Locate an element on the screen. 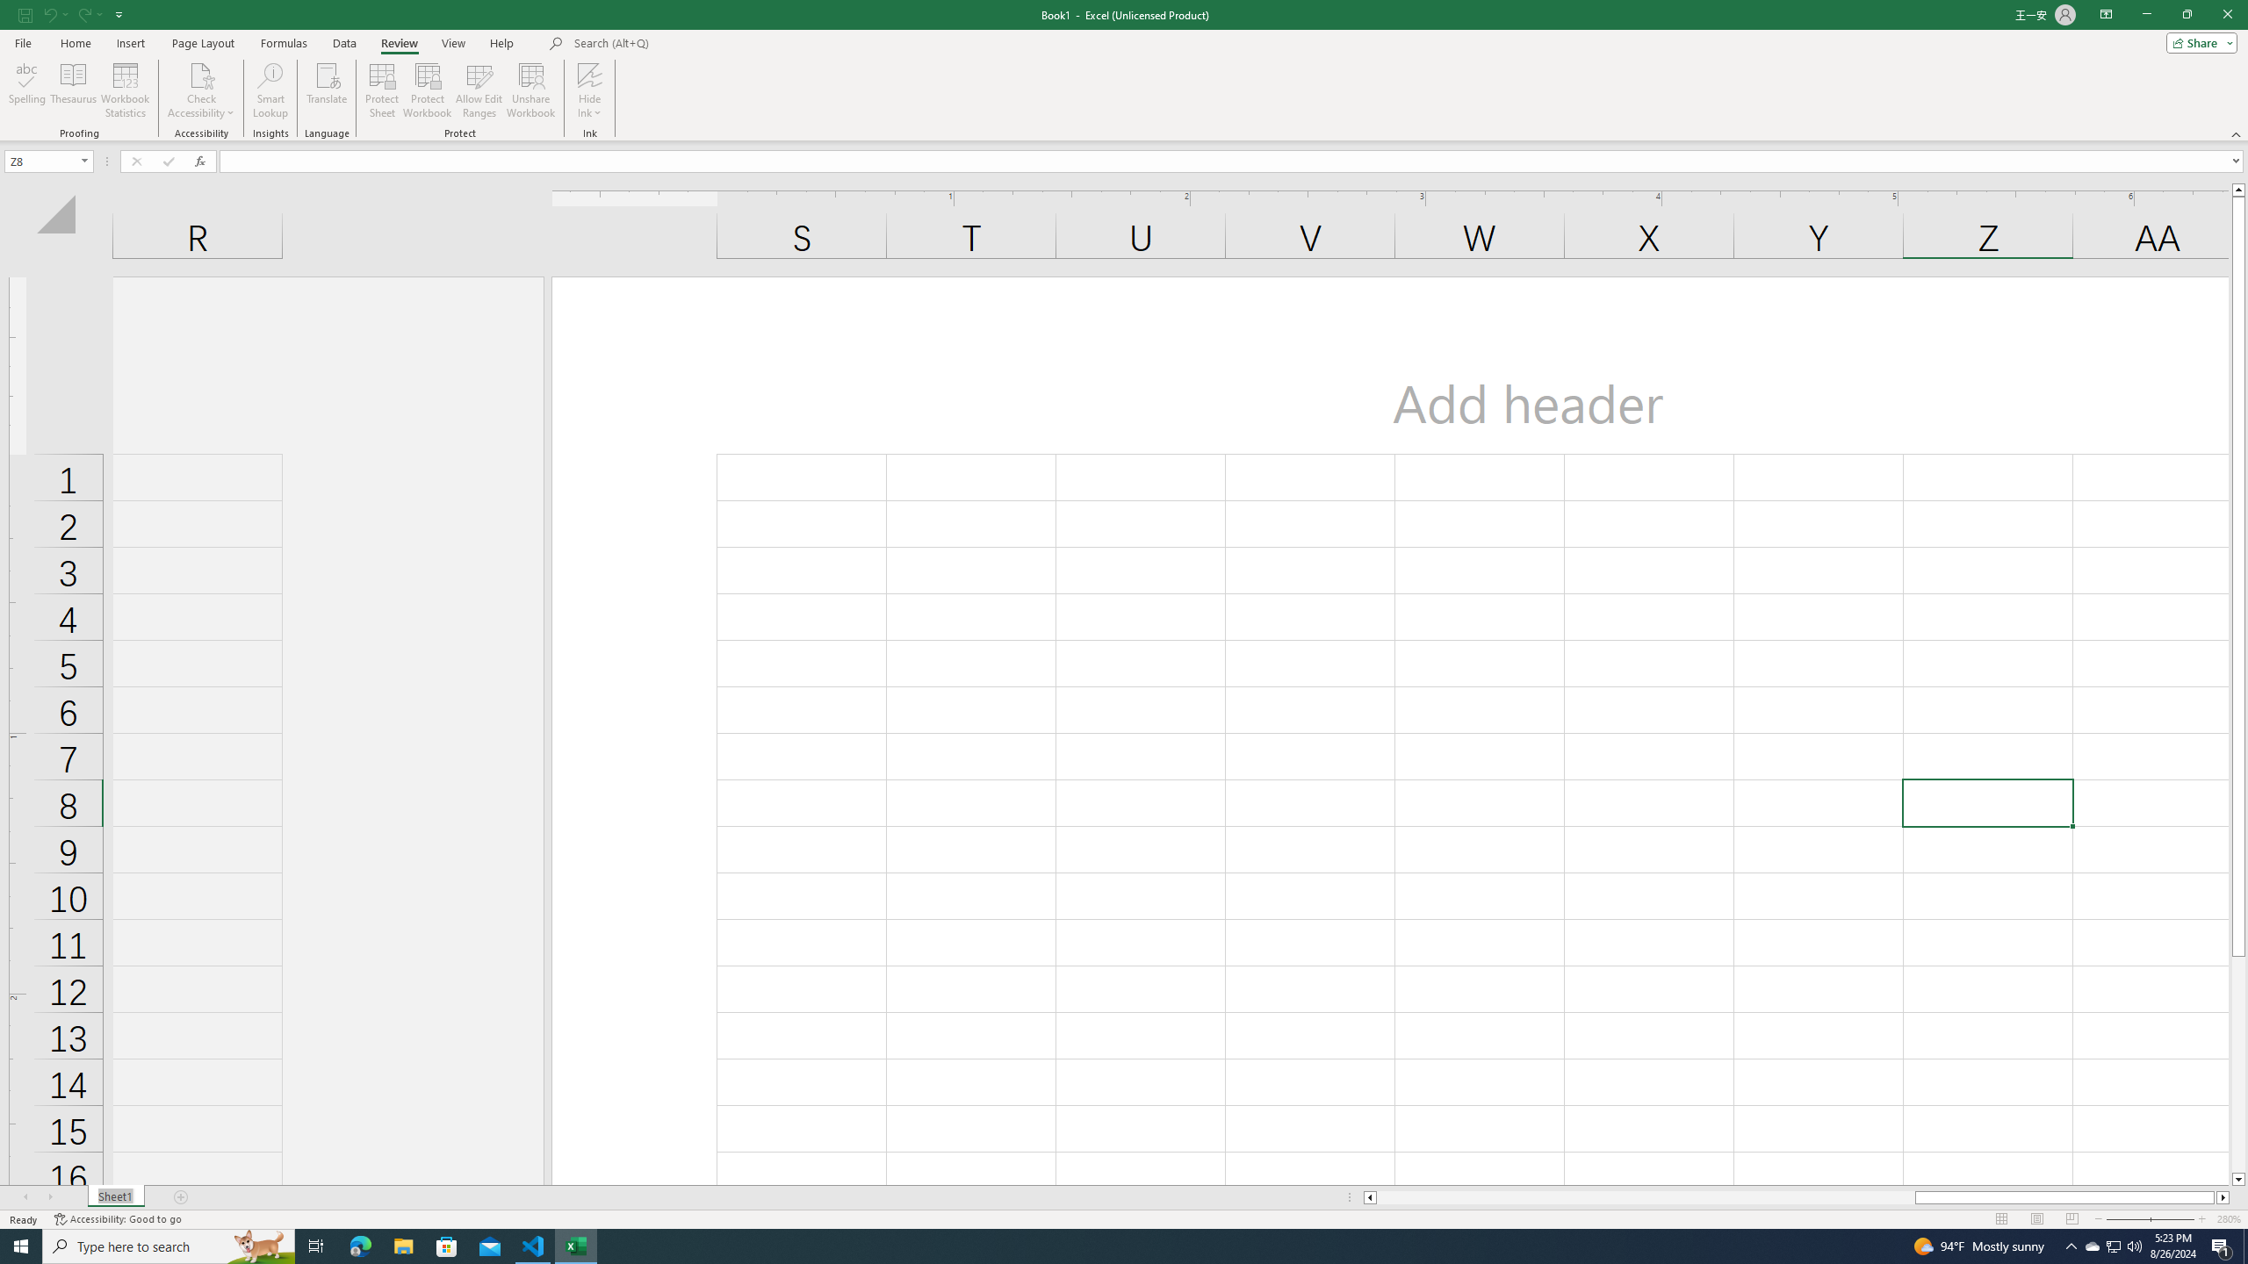  'Smart Lookup' is located at coordinates (270, 90).